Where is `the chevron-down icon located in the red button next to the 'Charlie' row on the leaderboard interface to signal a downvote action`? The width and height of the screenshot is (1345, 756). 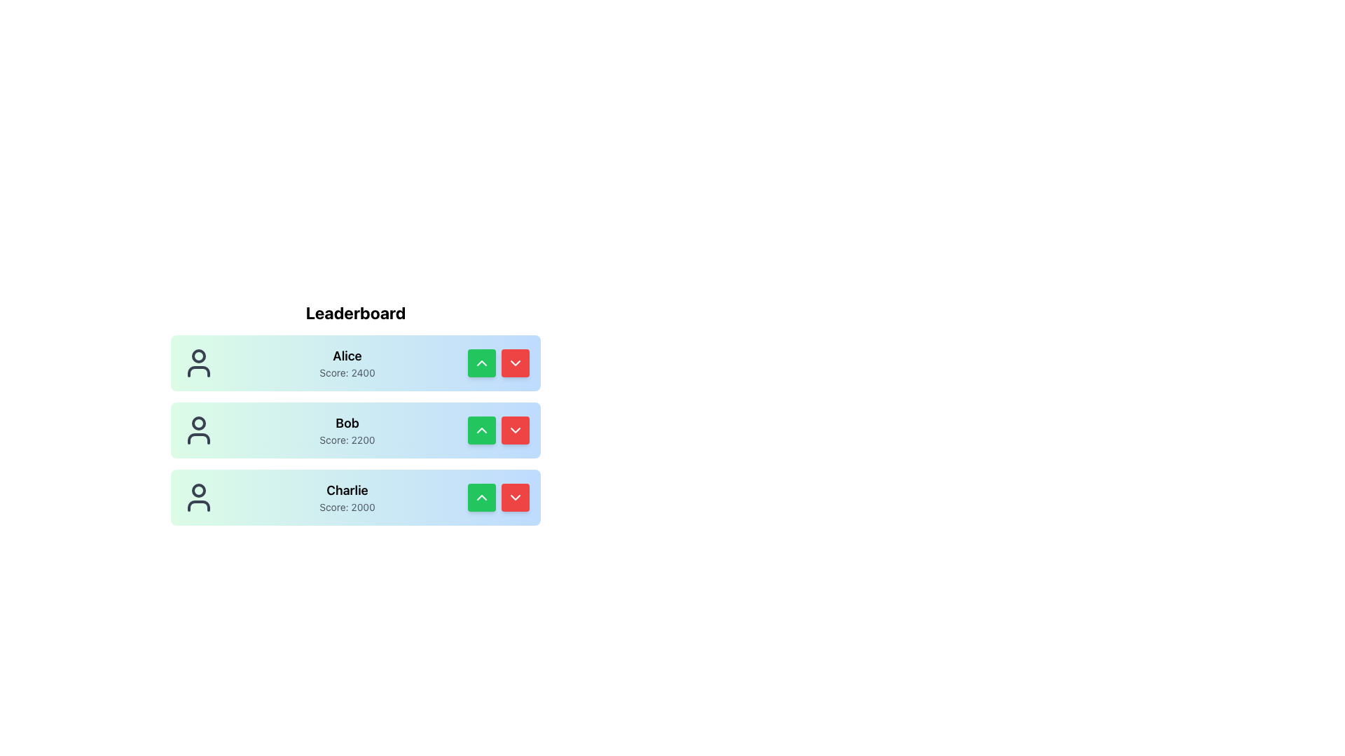 the chevron-down icon located in the red button next to the 'Charlie' row on the leaderboard interface to signal a downvote action is located at coordinates (514, 496).